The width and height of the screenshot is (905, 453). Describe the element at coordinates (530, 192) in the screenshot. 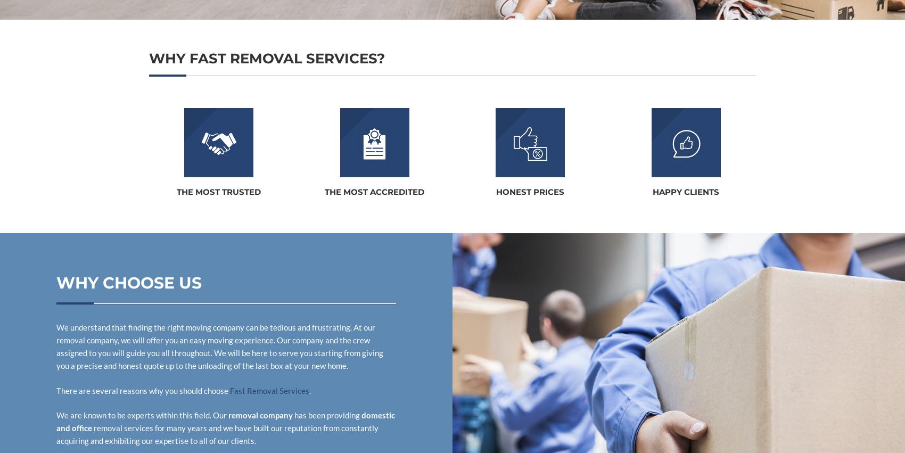

I see `'HONEST PRICES'` at that location.